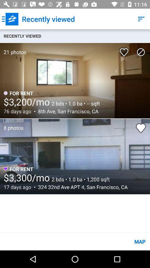  Describe the element at coordinates (141, 128) in the screenshot. I see `item on the right` at that location.